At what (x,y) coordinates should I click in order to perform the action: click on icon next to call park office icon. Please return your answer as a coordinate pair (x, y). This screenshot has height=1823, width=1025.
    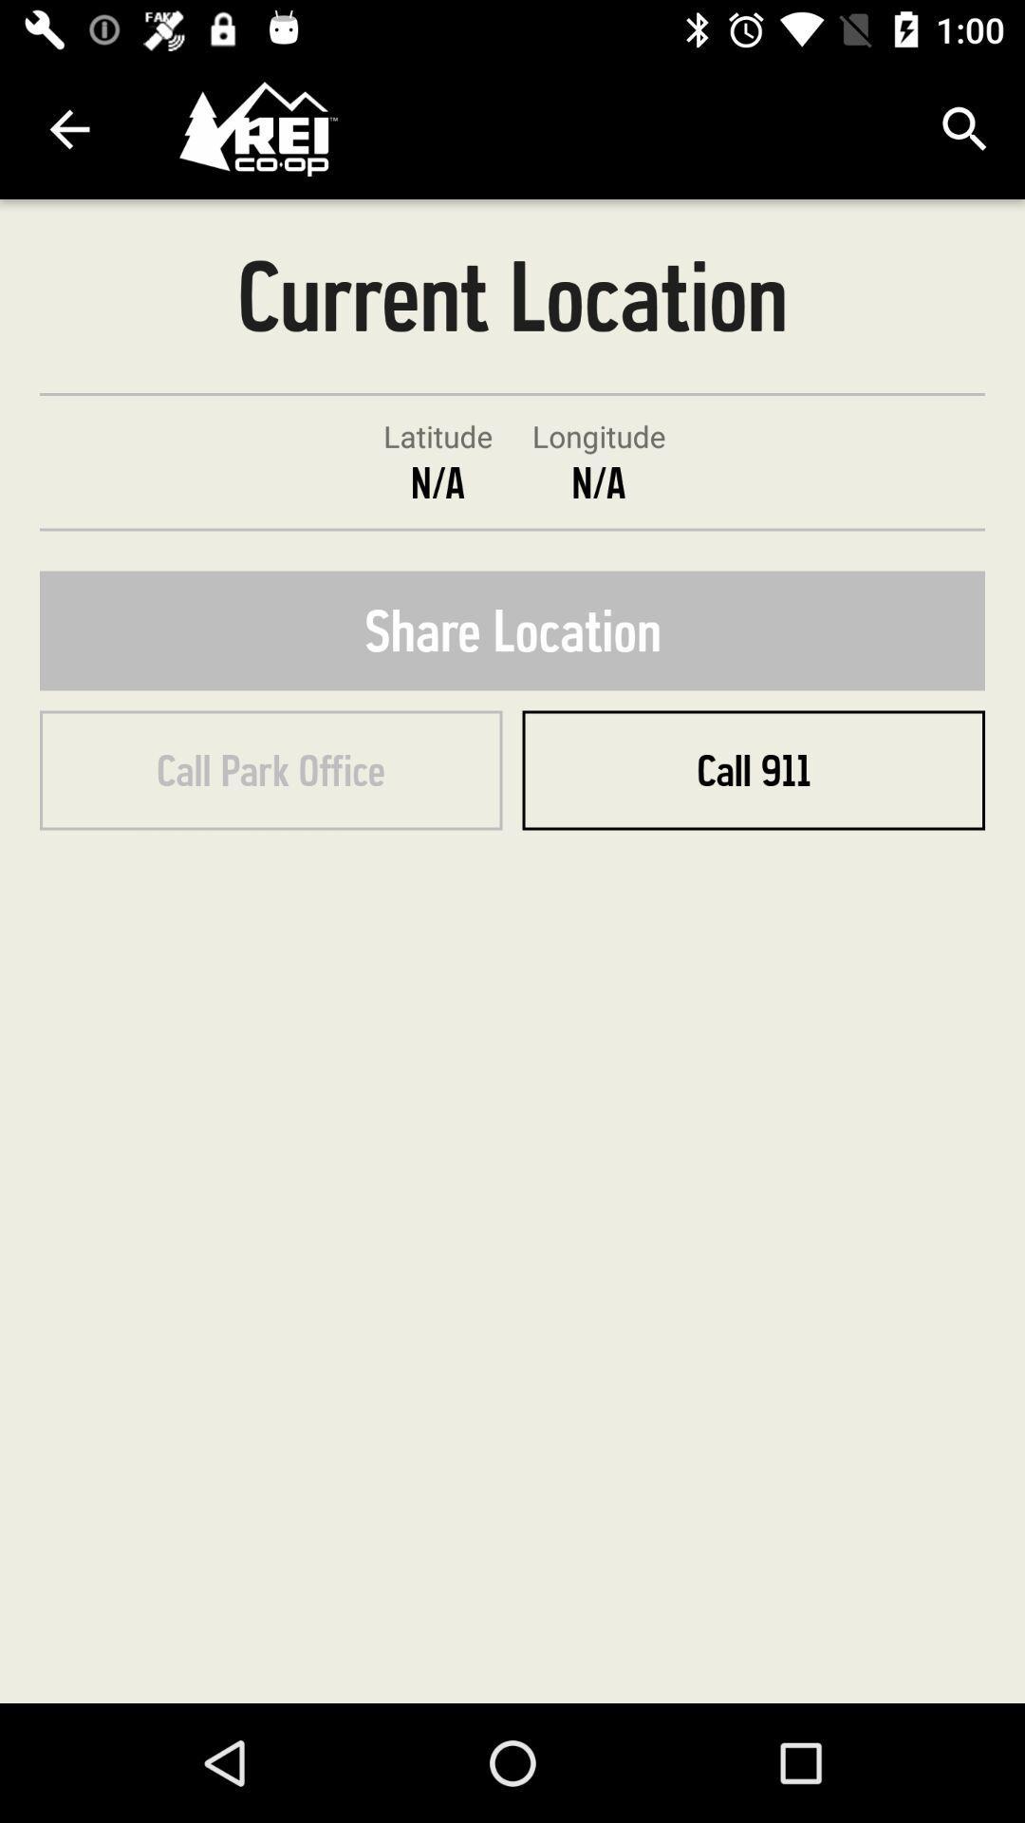
    Looking at the image, I should click on (753, 770).